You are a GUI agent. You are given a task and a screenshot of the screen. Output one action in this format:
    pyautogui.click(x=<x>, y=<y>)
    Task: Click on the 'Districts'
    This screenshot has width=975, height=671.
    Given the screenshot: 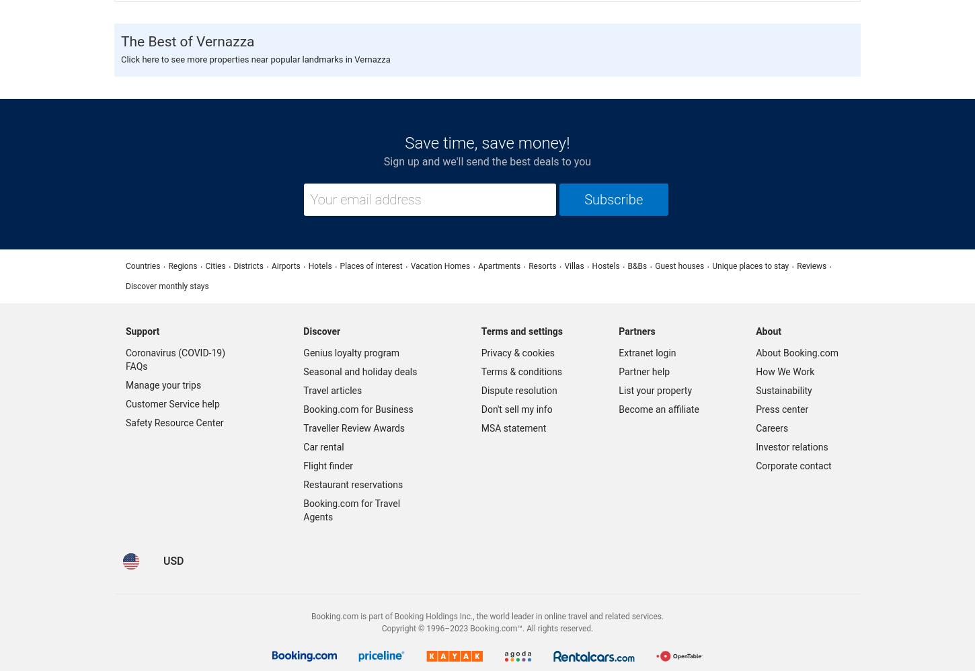 What is the action you would take?
    pyautogui.click(x=247, y=265)
    